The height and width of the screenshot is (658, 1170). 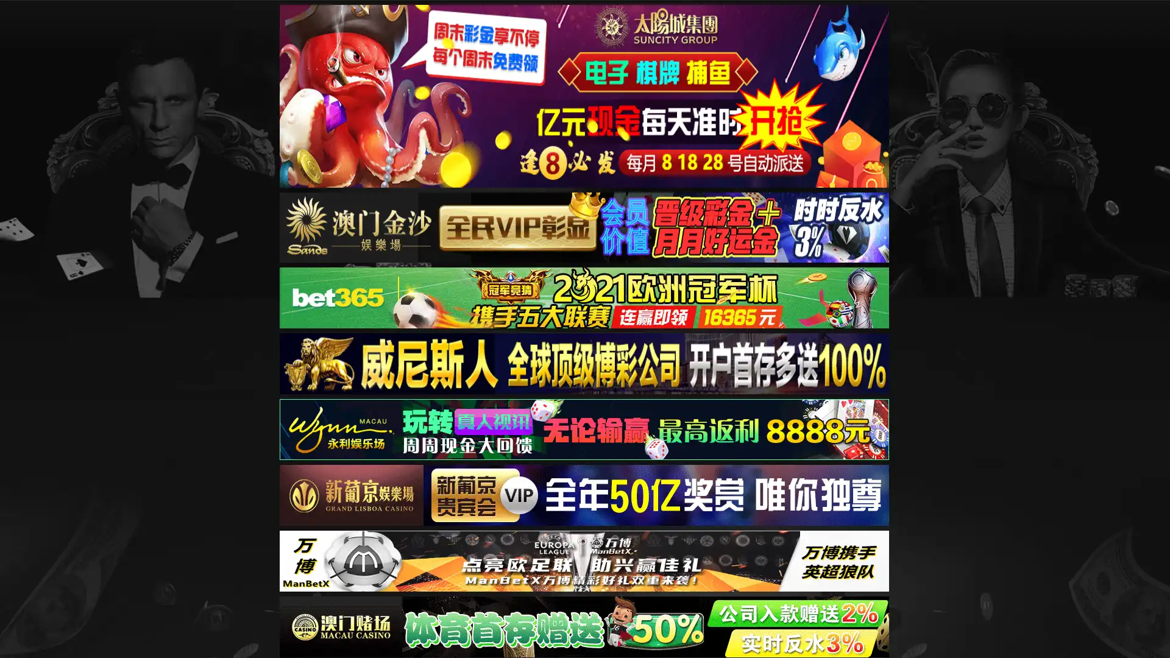 I want to click on Submit, so click(x=929, y=56).